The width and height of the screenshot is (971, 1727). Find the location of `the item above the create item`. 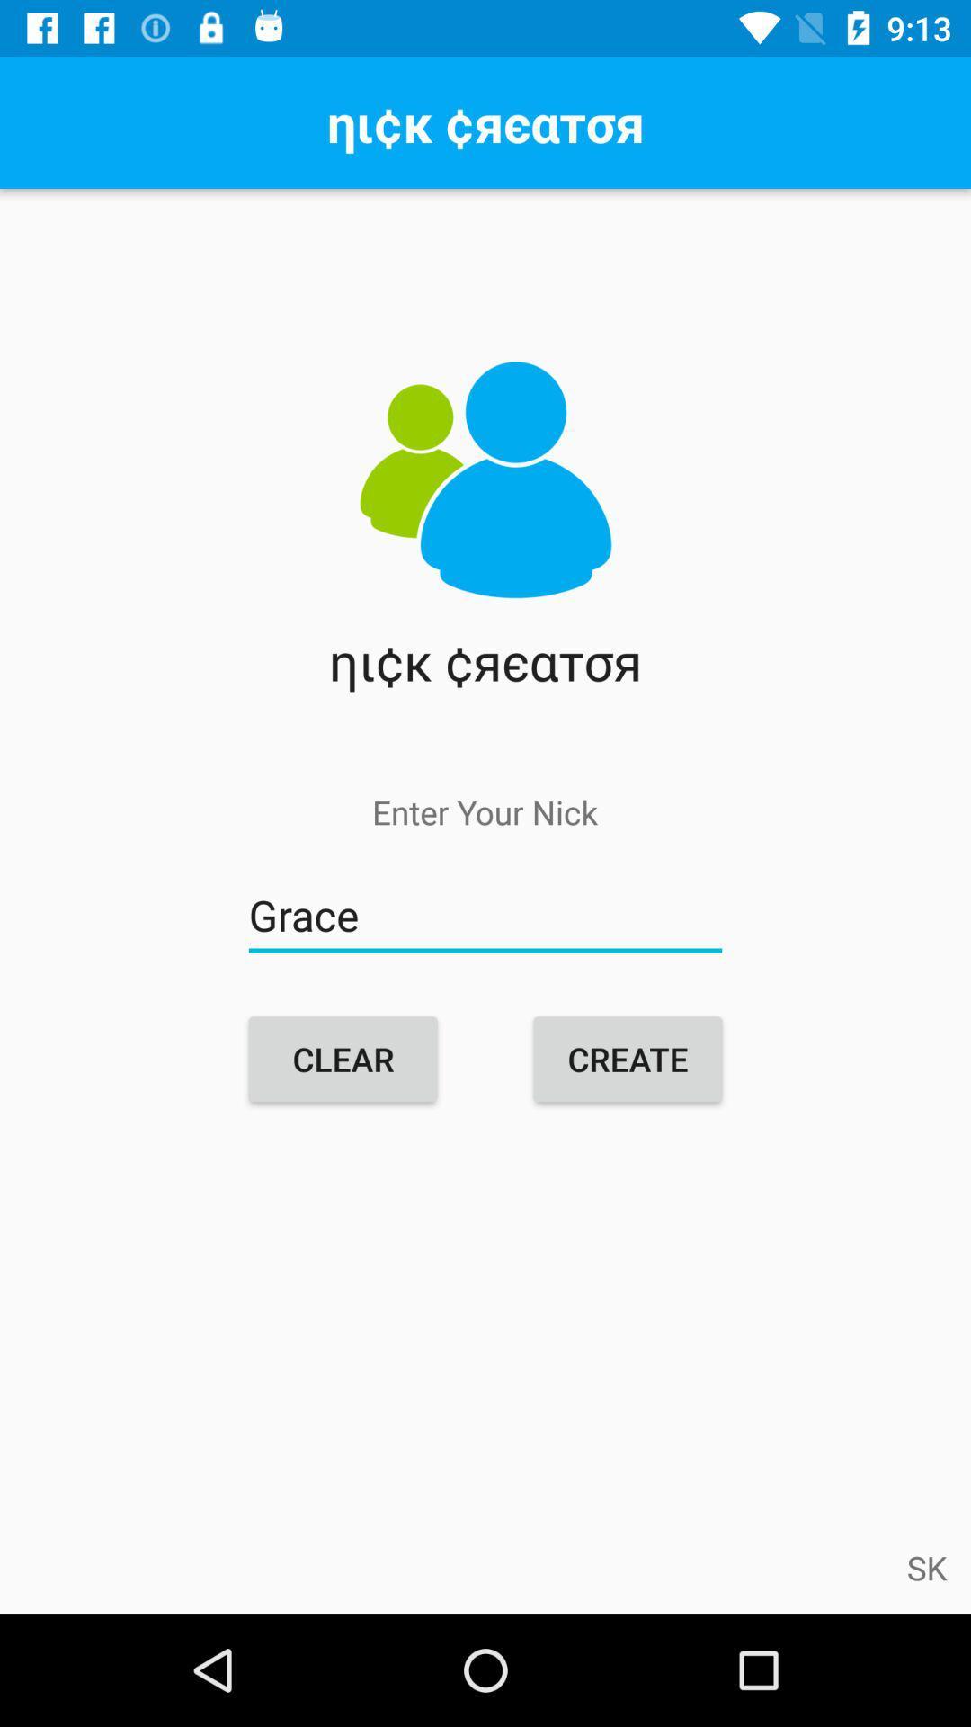

the item above the create item is located at coordinates (485, 916).